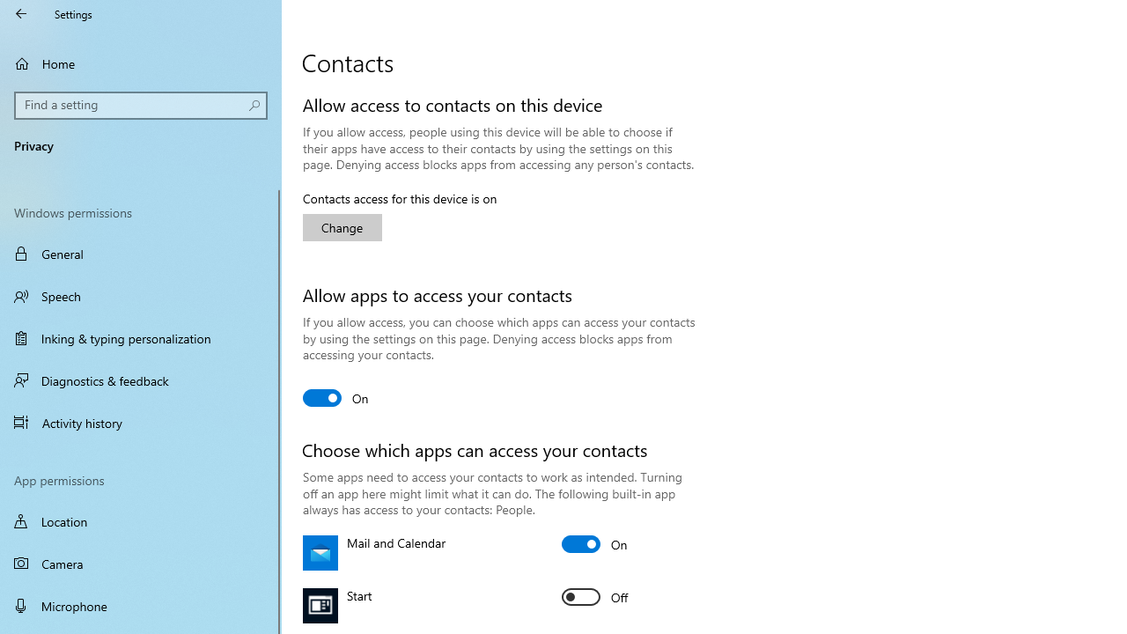  What do you see at coordinates (141, 338) in the screenshot?
I see `'Inking & typing personalization'` at bounding box center [141, 338].